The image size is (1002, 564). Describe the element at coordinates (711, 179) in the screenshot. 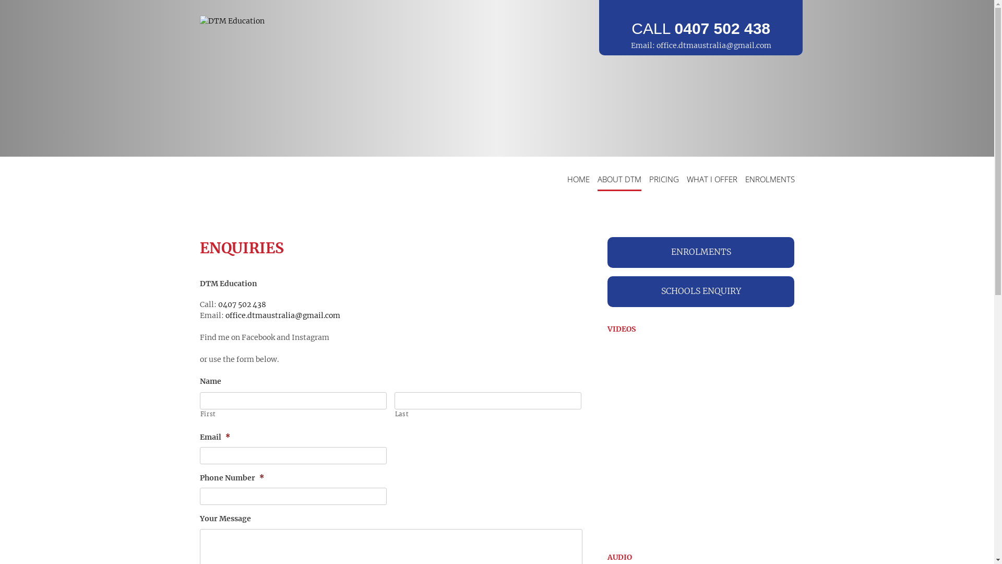

I see `'WHAT I OFFER'` at that location.